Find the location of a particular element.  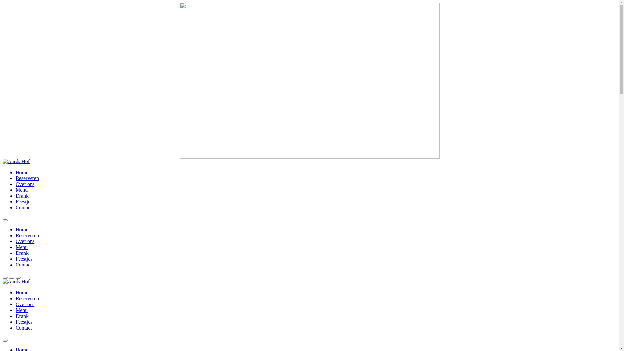

'Home' is located at coordinates (22, 292).